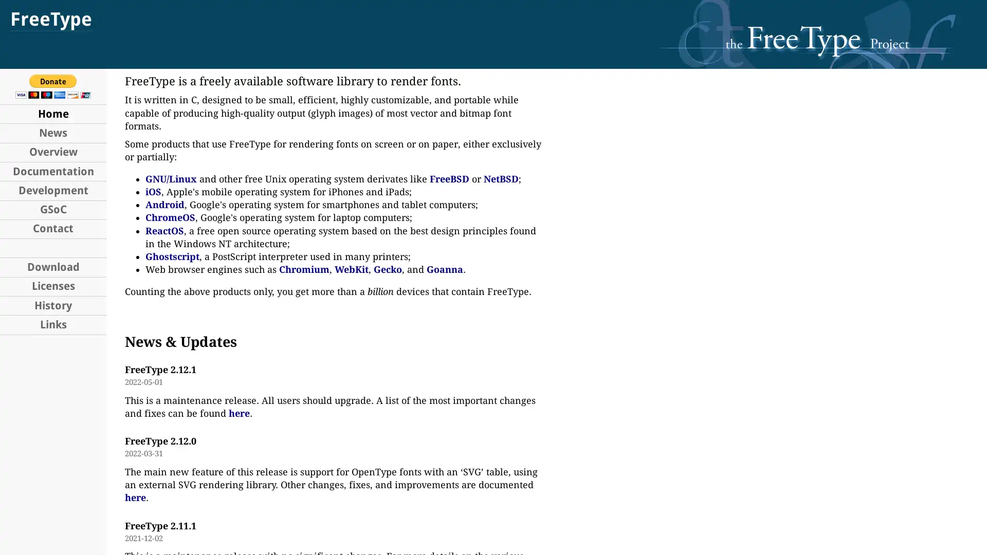 This screenshot has height=555, width=987. Describe the element at coordinates (52, 86) in the screenshot. I see `PayPal - The safer, easier way to pay online!` at that location.